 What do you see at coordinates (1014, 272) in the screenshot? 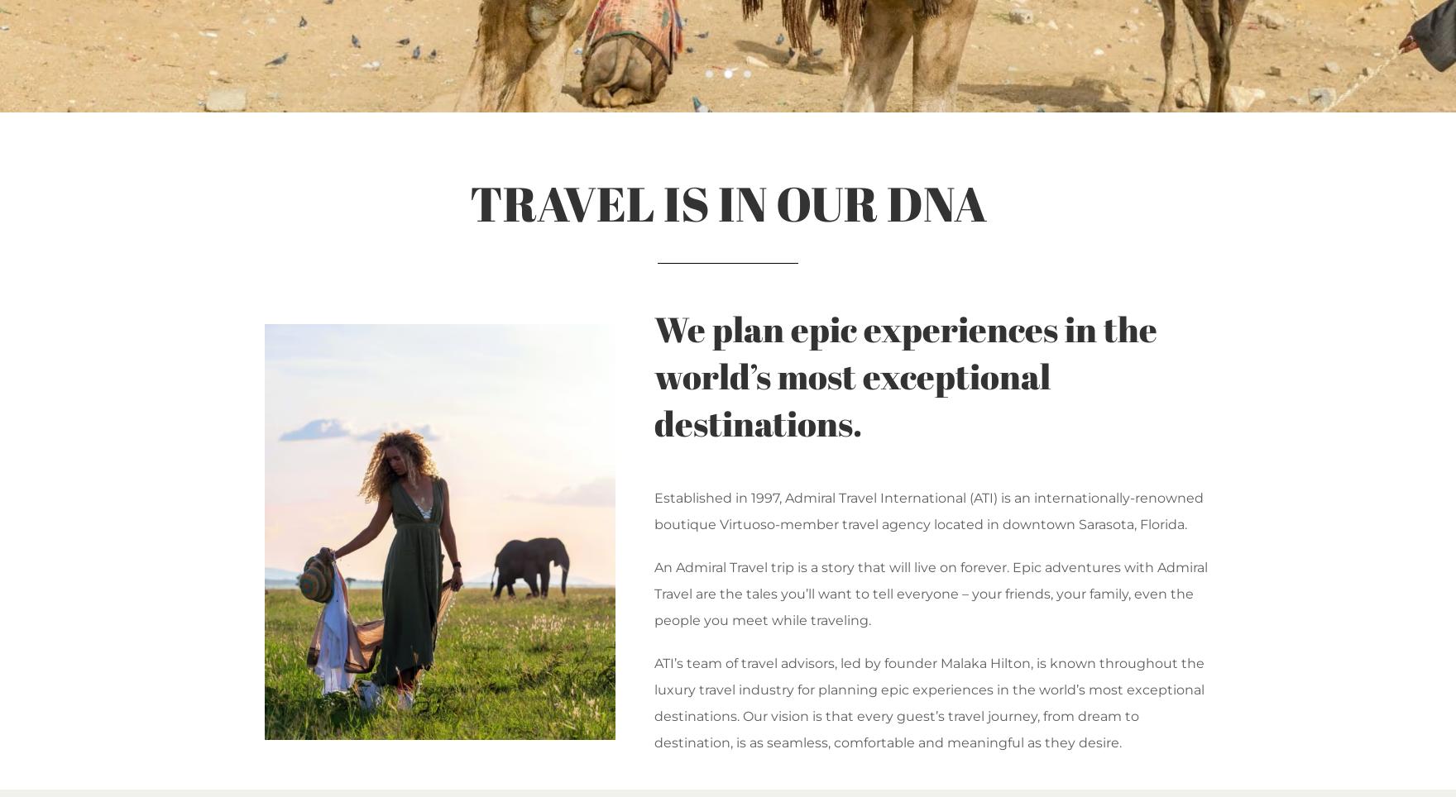
I see `'Contact Us'` at bounding box center [1014, 272].